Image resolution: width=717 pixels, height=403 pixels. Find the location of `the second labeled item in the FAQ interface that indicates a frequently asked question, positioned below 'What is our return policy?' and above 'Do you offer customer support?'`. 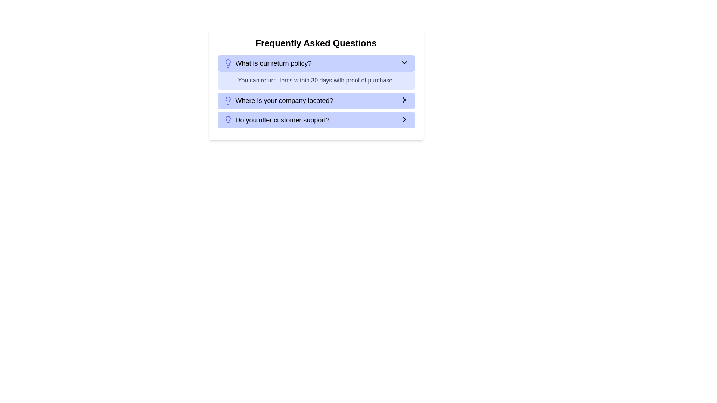

the second labeled item in the FAQ interface that indicates a frequently asked question, positioned below 'What is our return policy?' and above 'Do you offer customer support?' is located at coordinates (278, 101).